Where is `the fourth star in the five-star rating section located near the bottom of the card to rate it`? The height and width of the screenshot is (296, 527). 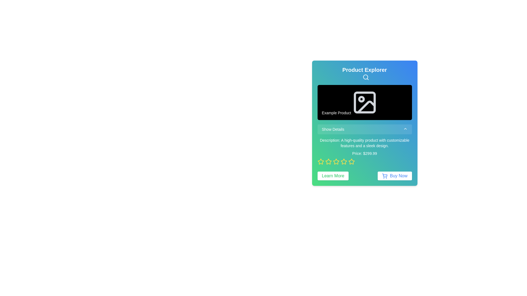
the fourth star in the five-star rating section located near the bottom of the card to rate it is located at coordinates (351, 161).